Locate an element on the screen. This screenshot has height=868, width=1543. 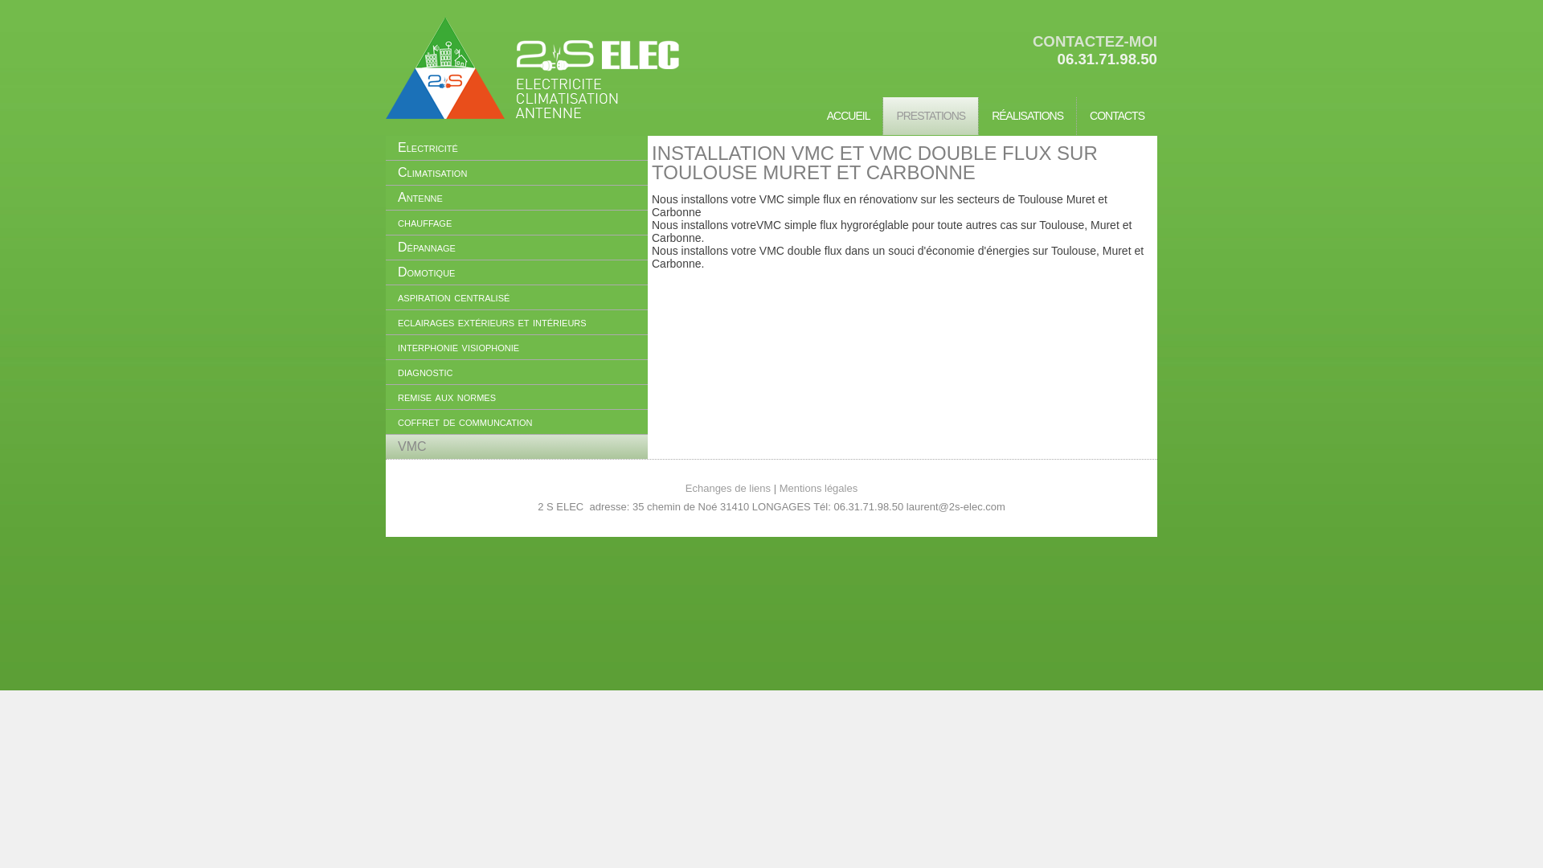
'VMC' is located at coordinates (517, 446).